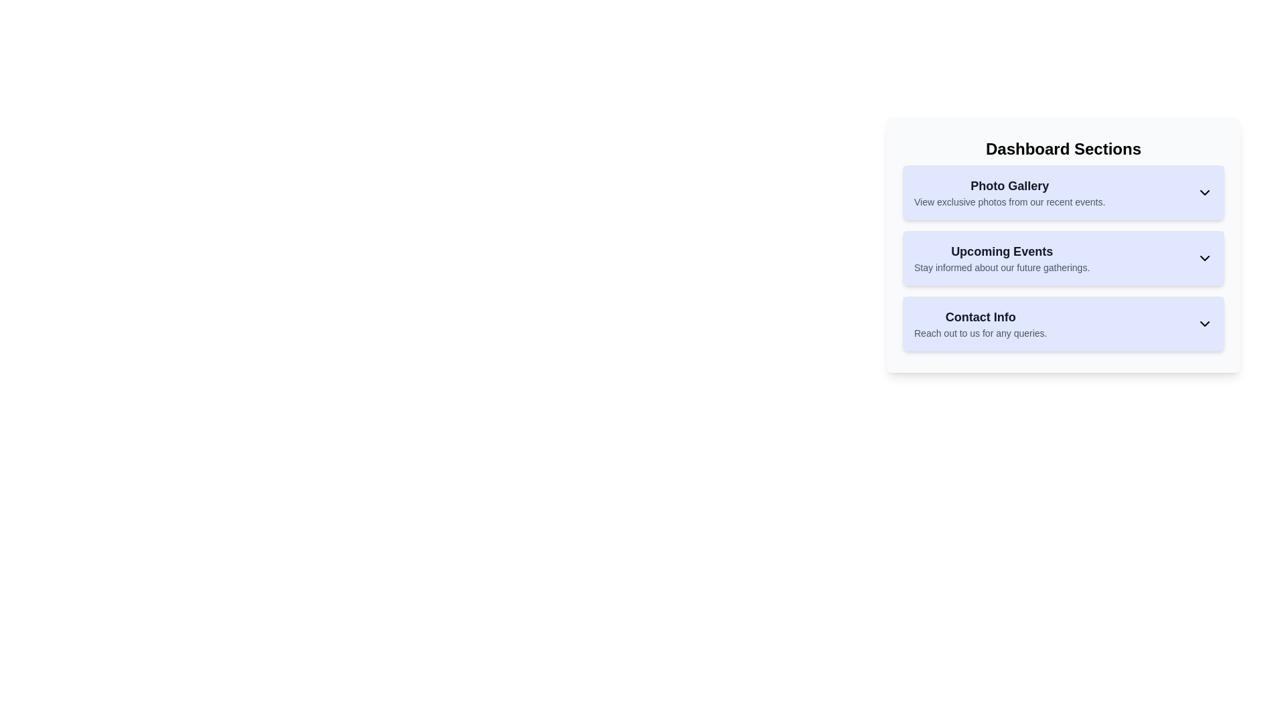 The height and width of the screenshot is (723, 1286). What do you see at coordinates (1205, 258) in the screenshot?
I see `the chevron icon used to expand or collapse additional information in the 'Upcoming Events' section, located to the far right of the text 'Stay informed about our future gatherings.'` at bounding box center [1205, 258].